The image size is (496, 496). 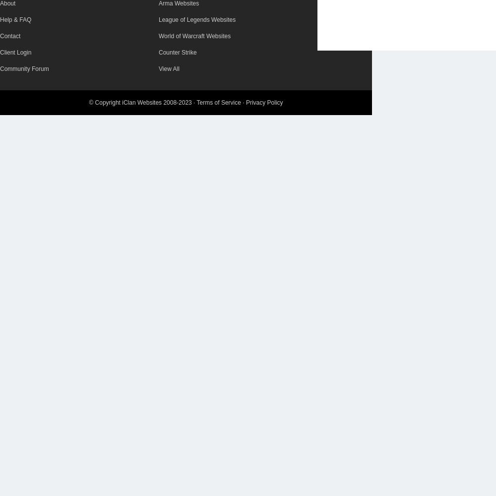 What do you see at coordinates (10, 36) in the screenshot?
I see `'Contact'` at bounding box center [10, 36].